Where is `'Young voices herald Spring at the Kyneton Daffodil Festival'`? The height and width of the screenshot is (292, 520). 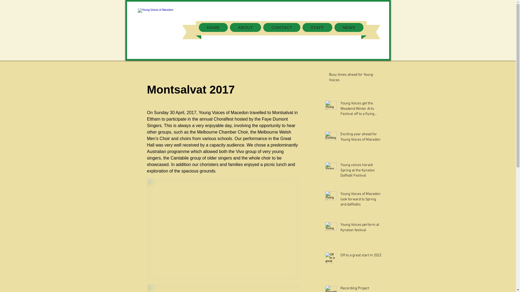 'Young voices herald Spring at the Kyneton Daffodil Festival' is located at coordinates (361, 171).